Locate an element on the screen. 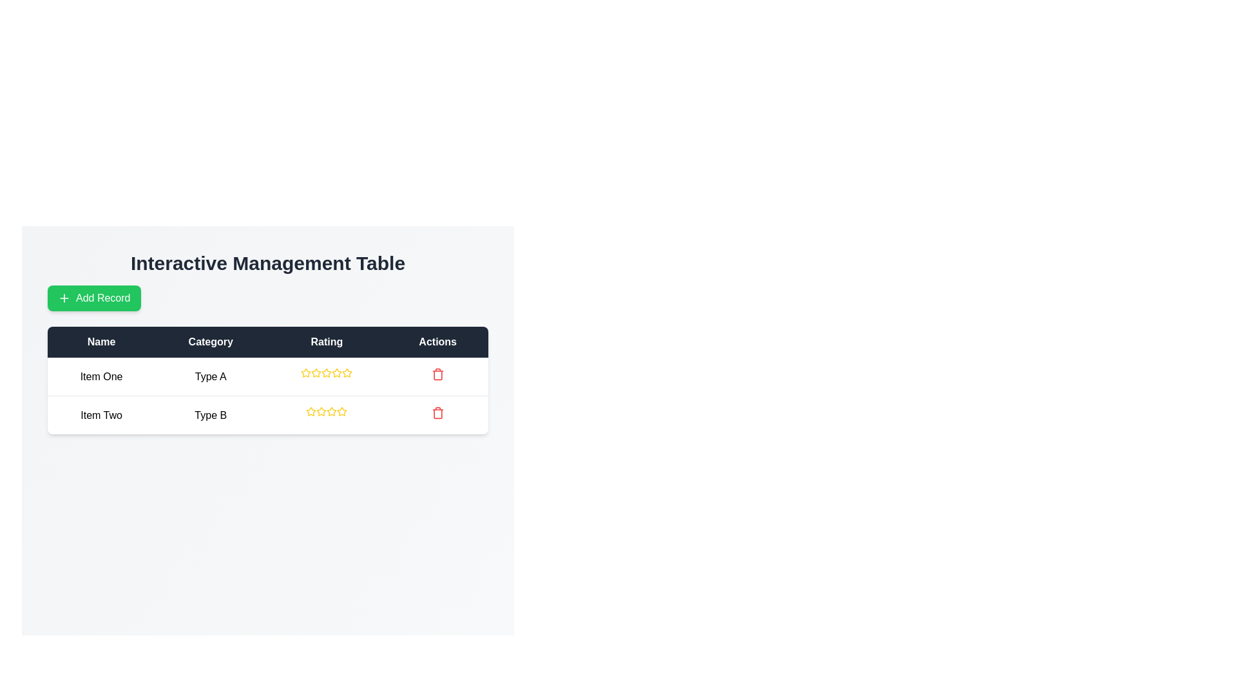  the fifth yellow star icon with a hollow center in the 'Rating' column of the first row to interact with the rating system is located at coordinates (337, 372).